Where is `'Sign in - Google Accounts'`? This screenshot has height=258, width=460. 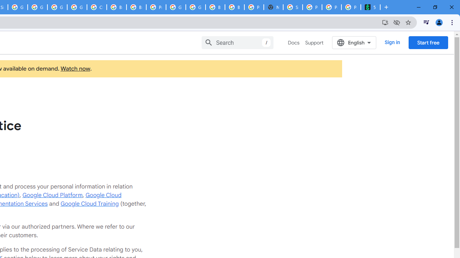 'Sign in - Google Accounts' is located at coordinates (293, 7).